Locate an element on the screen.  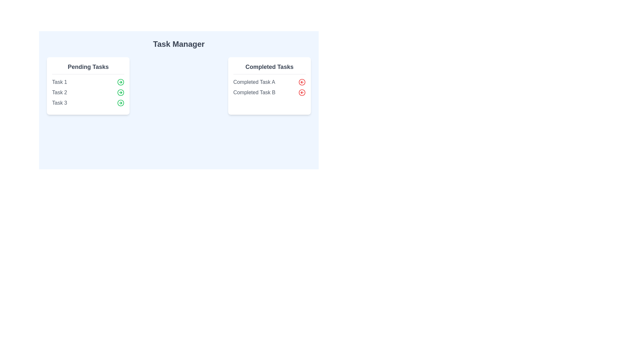
red arrow button next to the task Completed Task A in the 'Completed Tasks' section to transfer it to 'Pending Tasks' is located at coordinates (301, 82).